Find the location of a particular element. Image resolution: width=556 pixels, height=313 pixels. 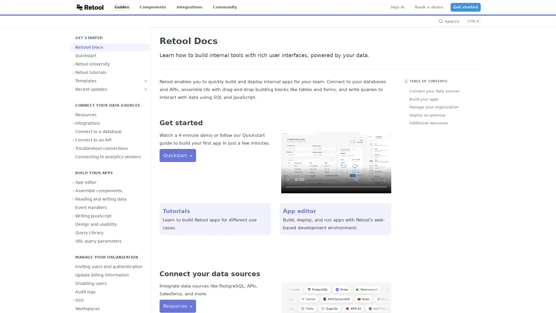

Show subpages for Integrations is located at coordinates (73, 123).